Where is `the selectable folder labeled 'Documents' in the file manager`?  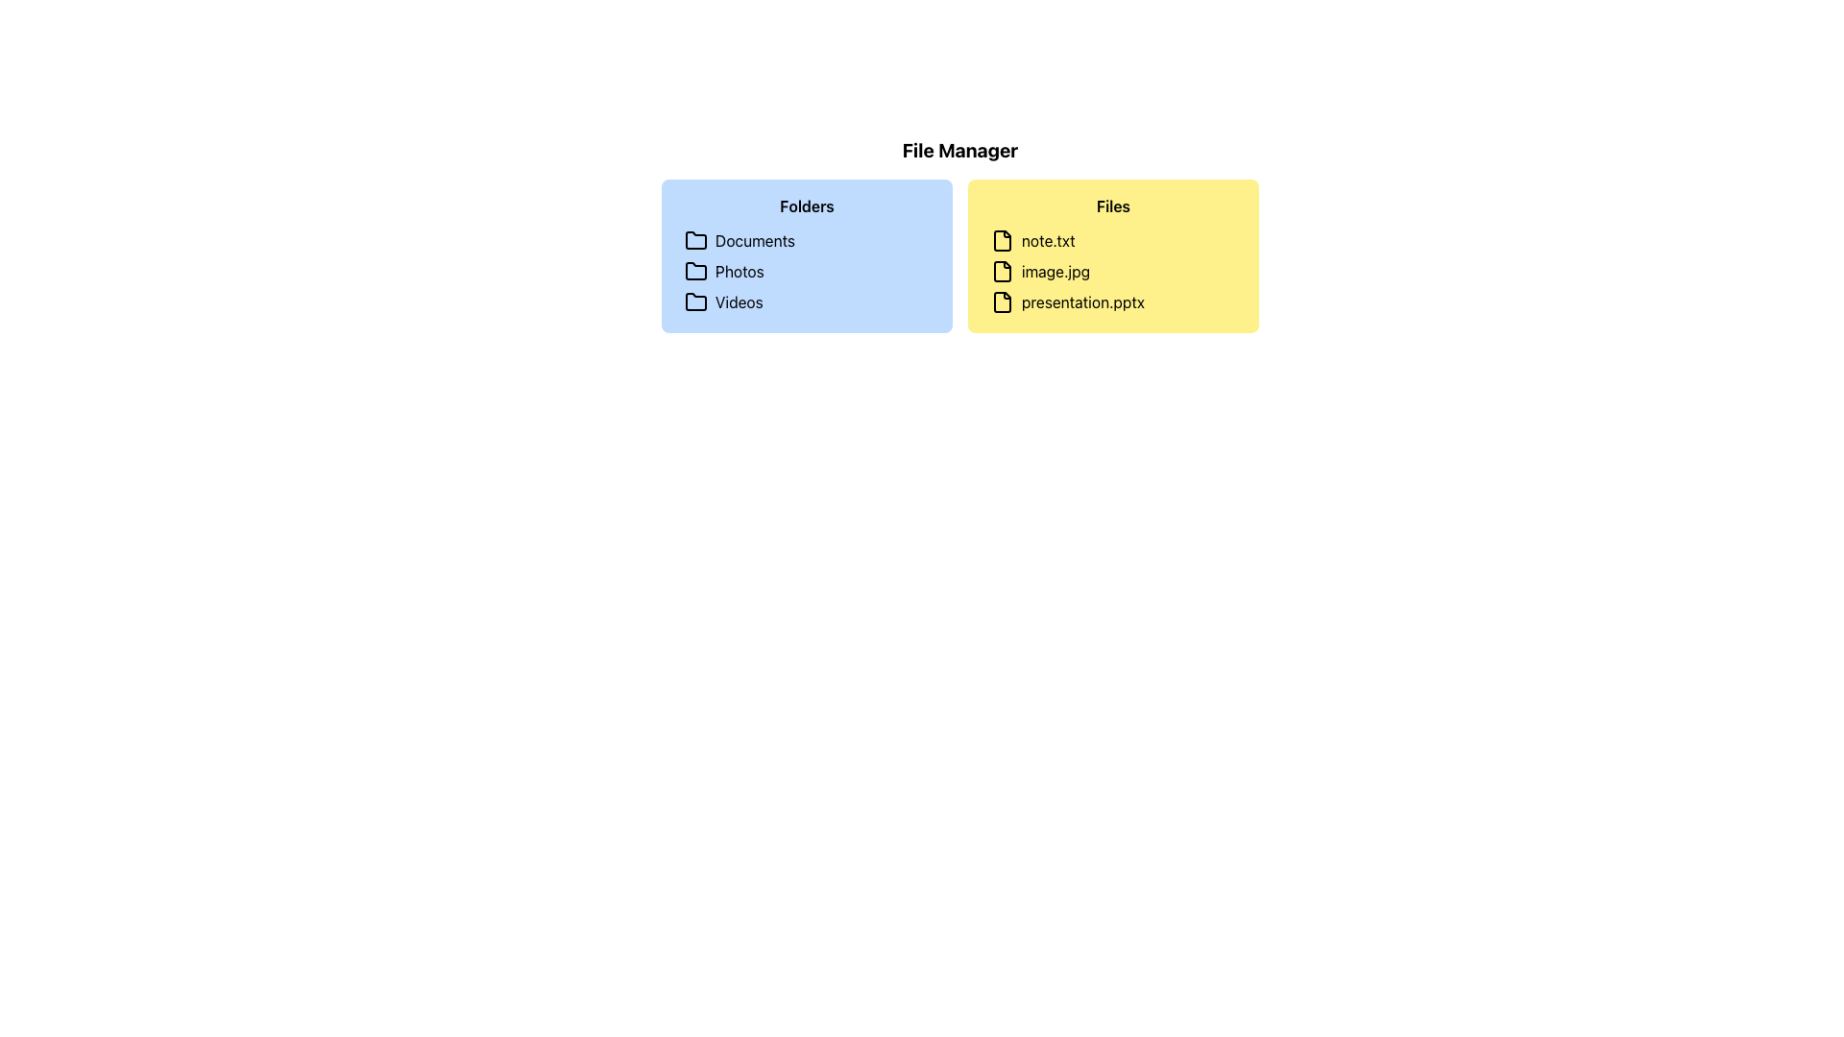 the selectable folder labeled 'Documents' in the file manager is located at coordinates (807, 239).